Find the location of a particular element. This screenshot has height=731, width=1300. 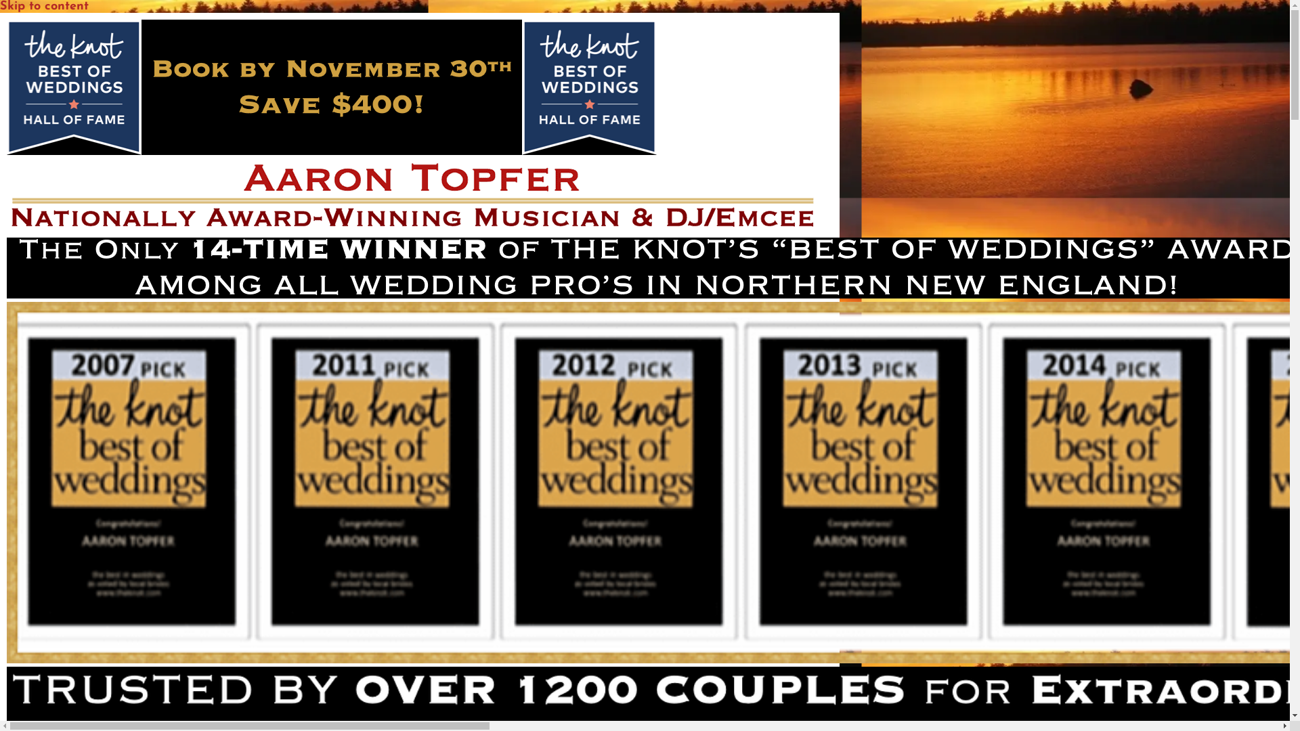

'Skip to content' is located at coordinates (44, 6).